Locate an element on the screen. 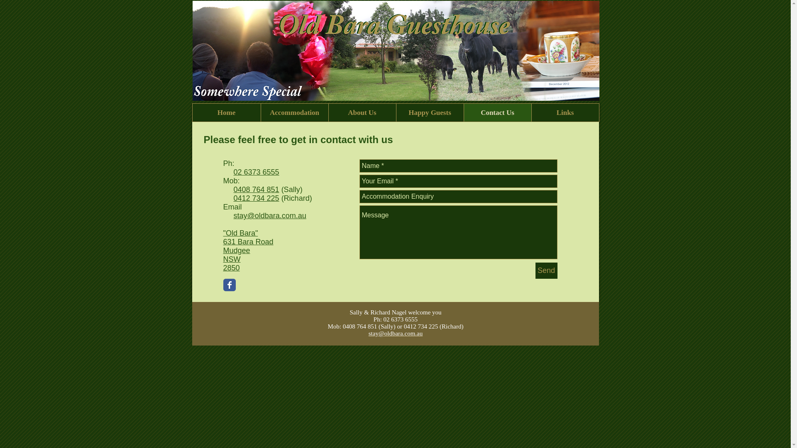 This screenshot has width=797, height=448. 'stay@oldbara.com.au' is located at coordinates (395, 333).